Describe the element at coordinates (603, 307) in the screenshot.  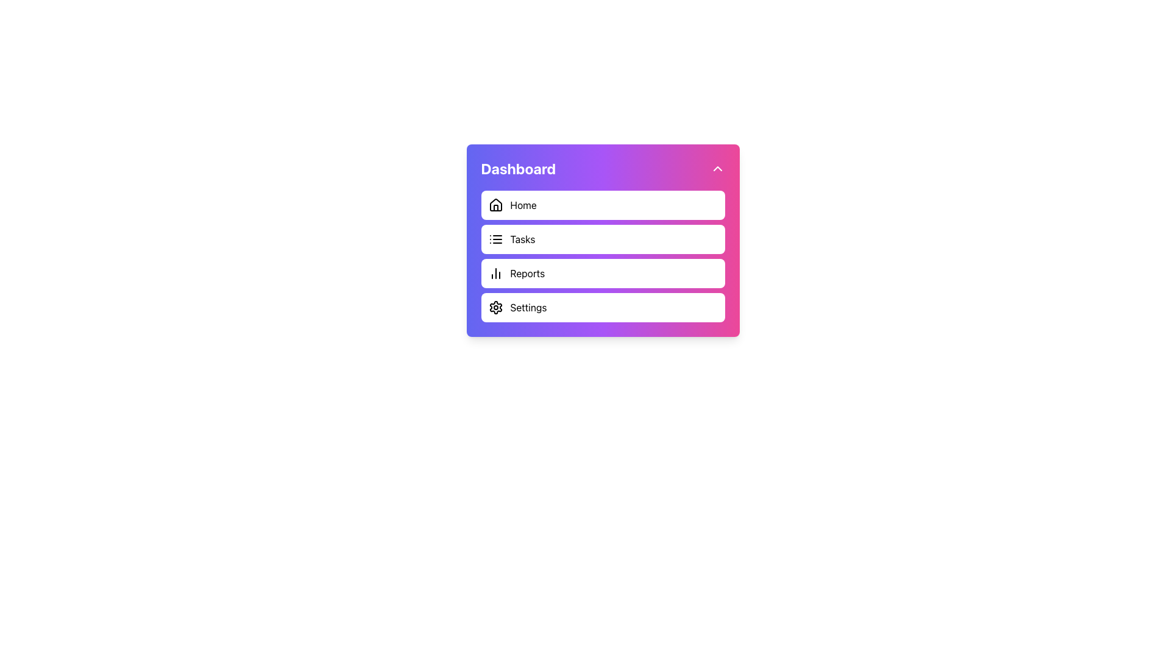
I see `the 'Settings' button, which is a rectangular menu item with rounded corners, located in the 'Dashboard' panel` at that location.